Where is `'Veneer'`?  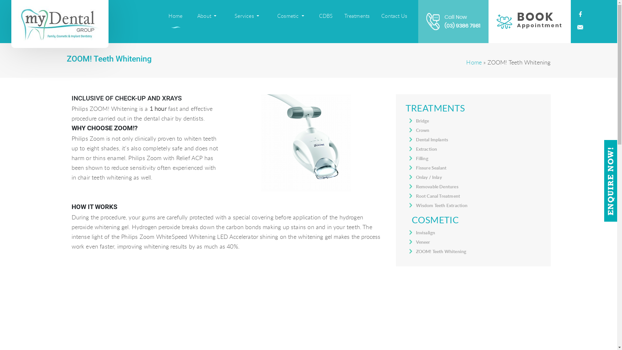
'Veneer' is located at coordinates (423, 242).